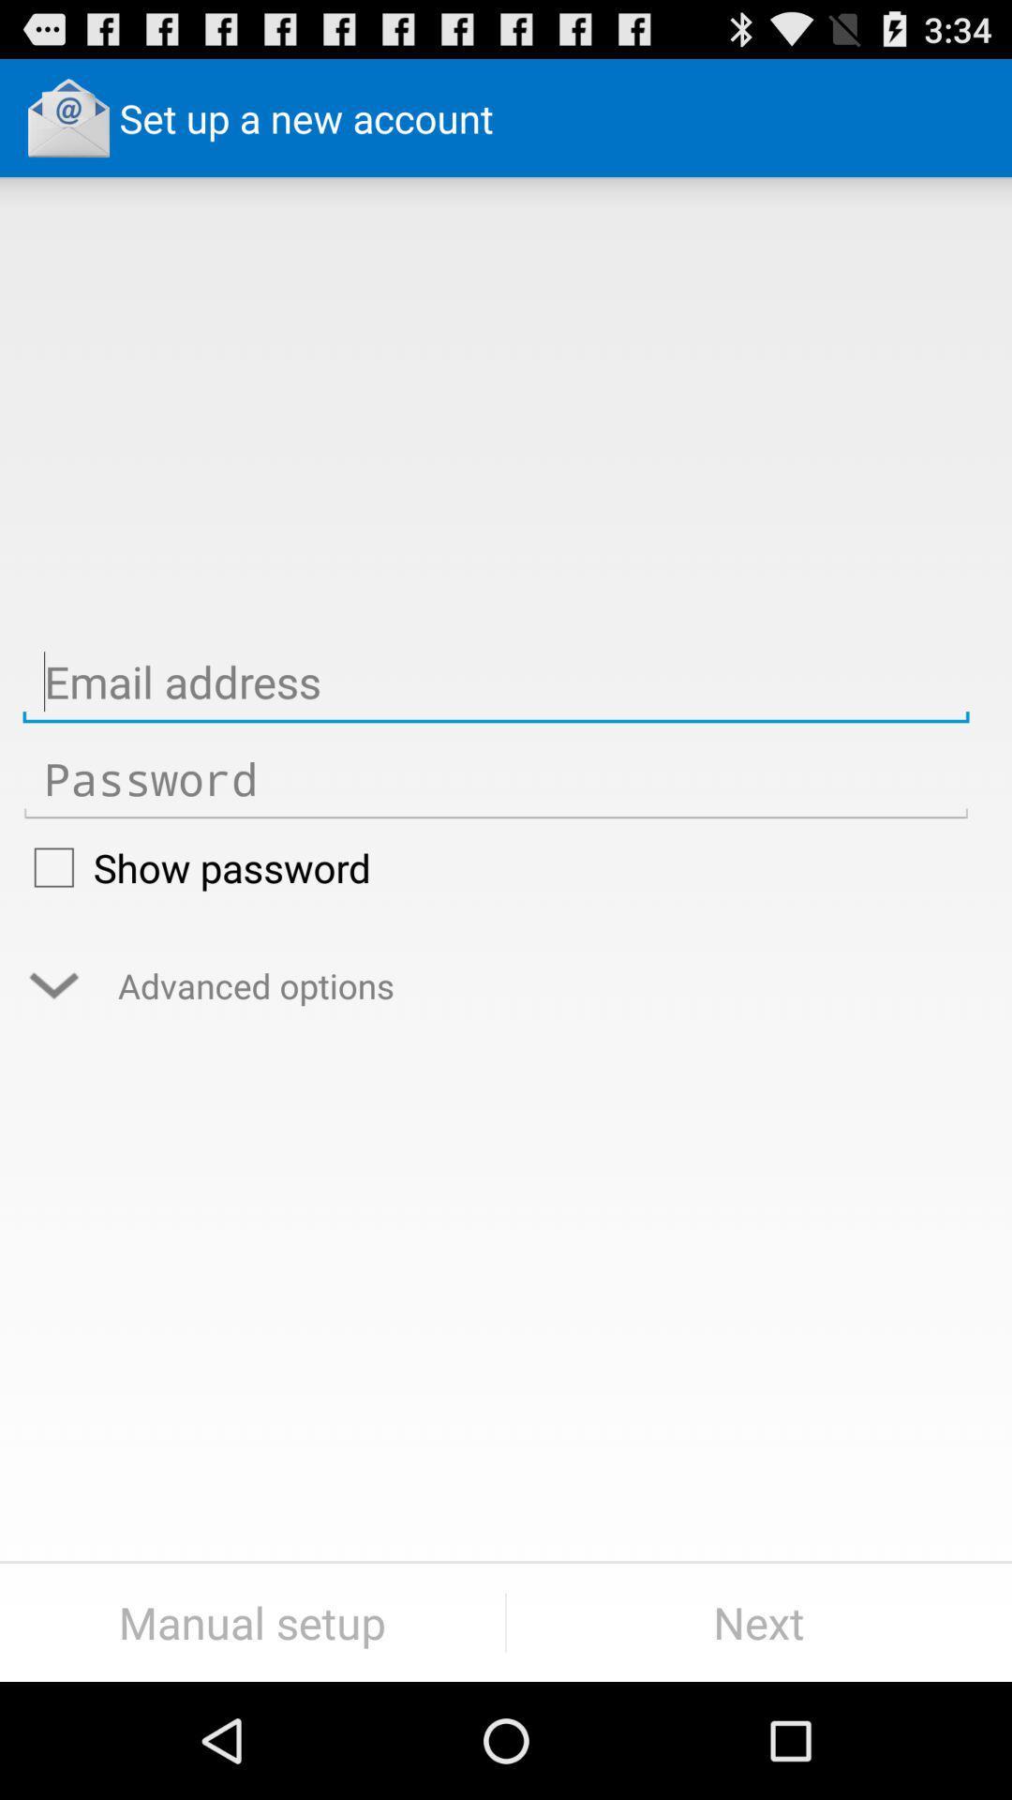  I want to click on button at the bottom right corner, so click(759, 1622).